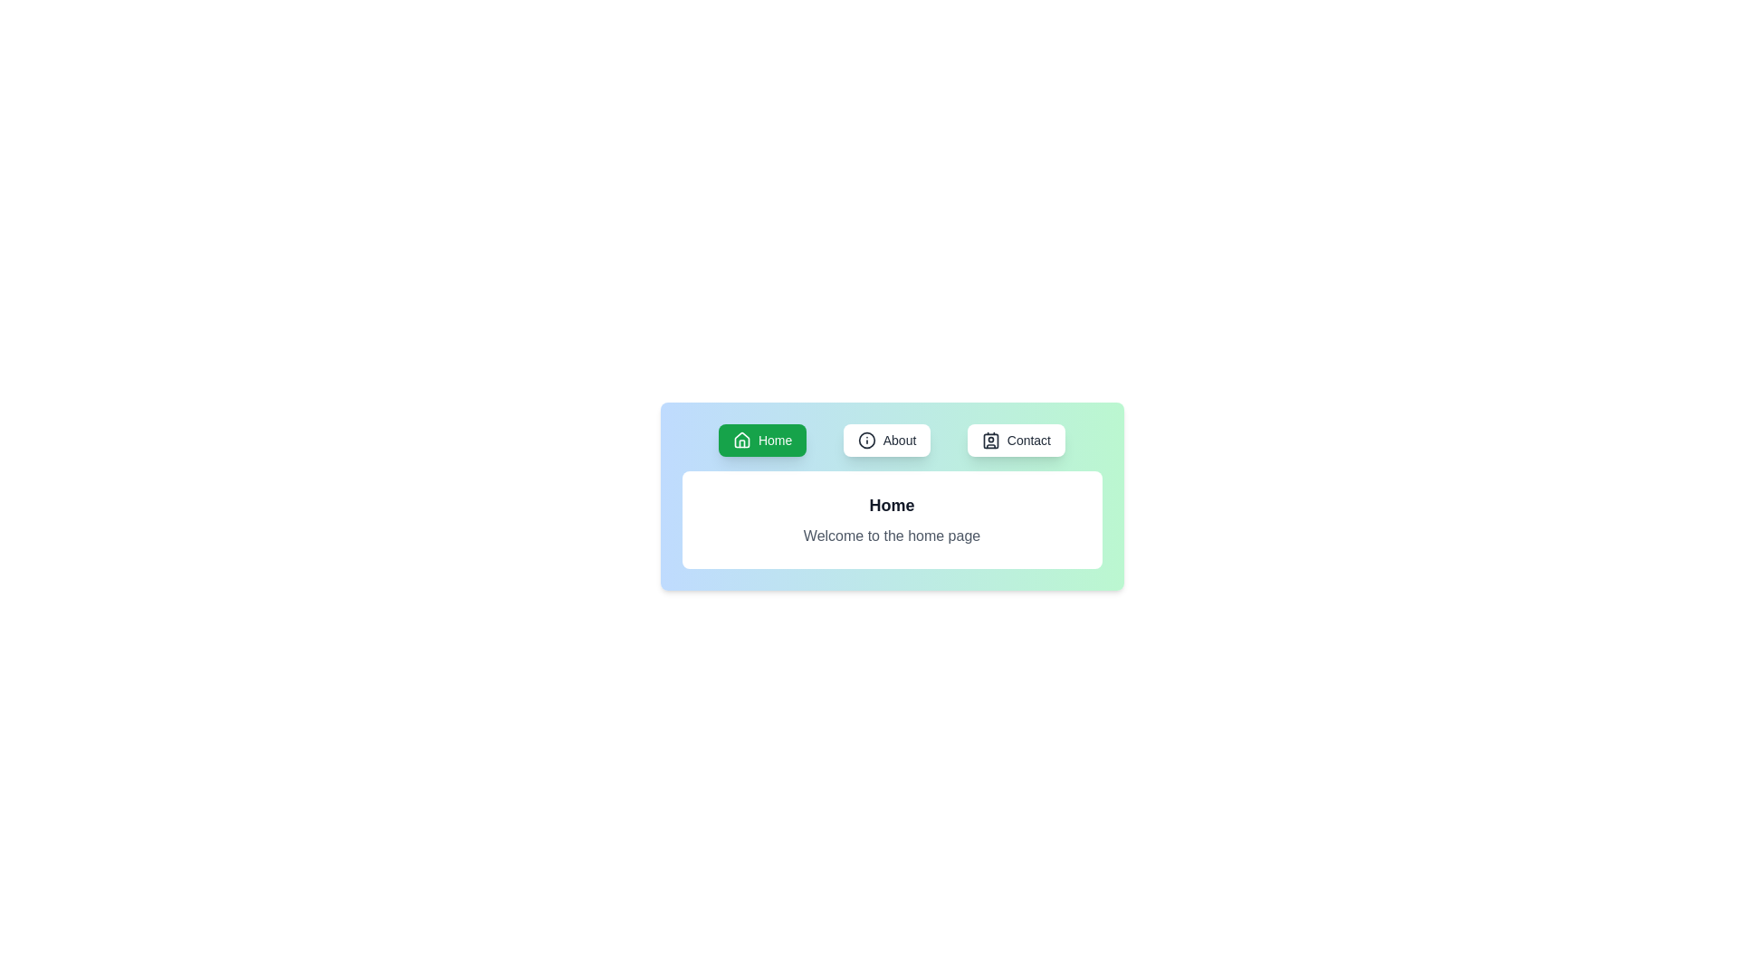  I want to click on the button labeled Contact to observe its visual styling change, so click(1016, 440).